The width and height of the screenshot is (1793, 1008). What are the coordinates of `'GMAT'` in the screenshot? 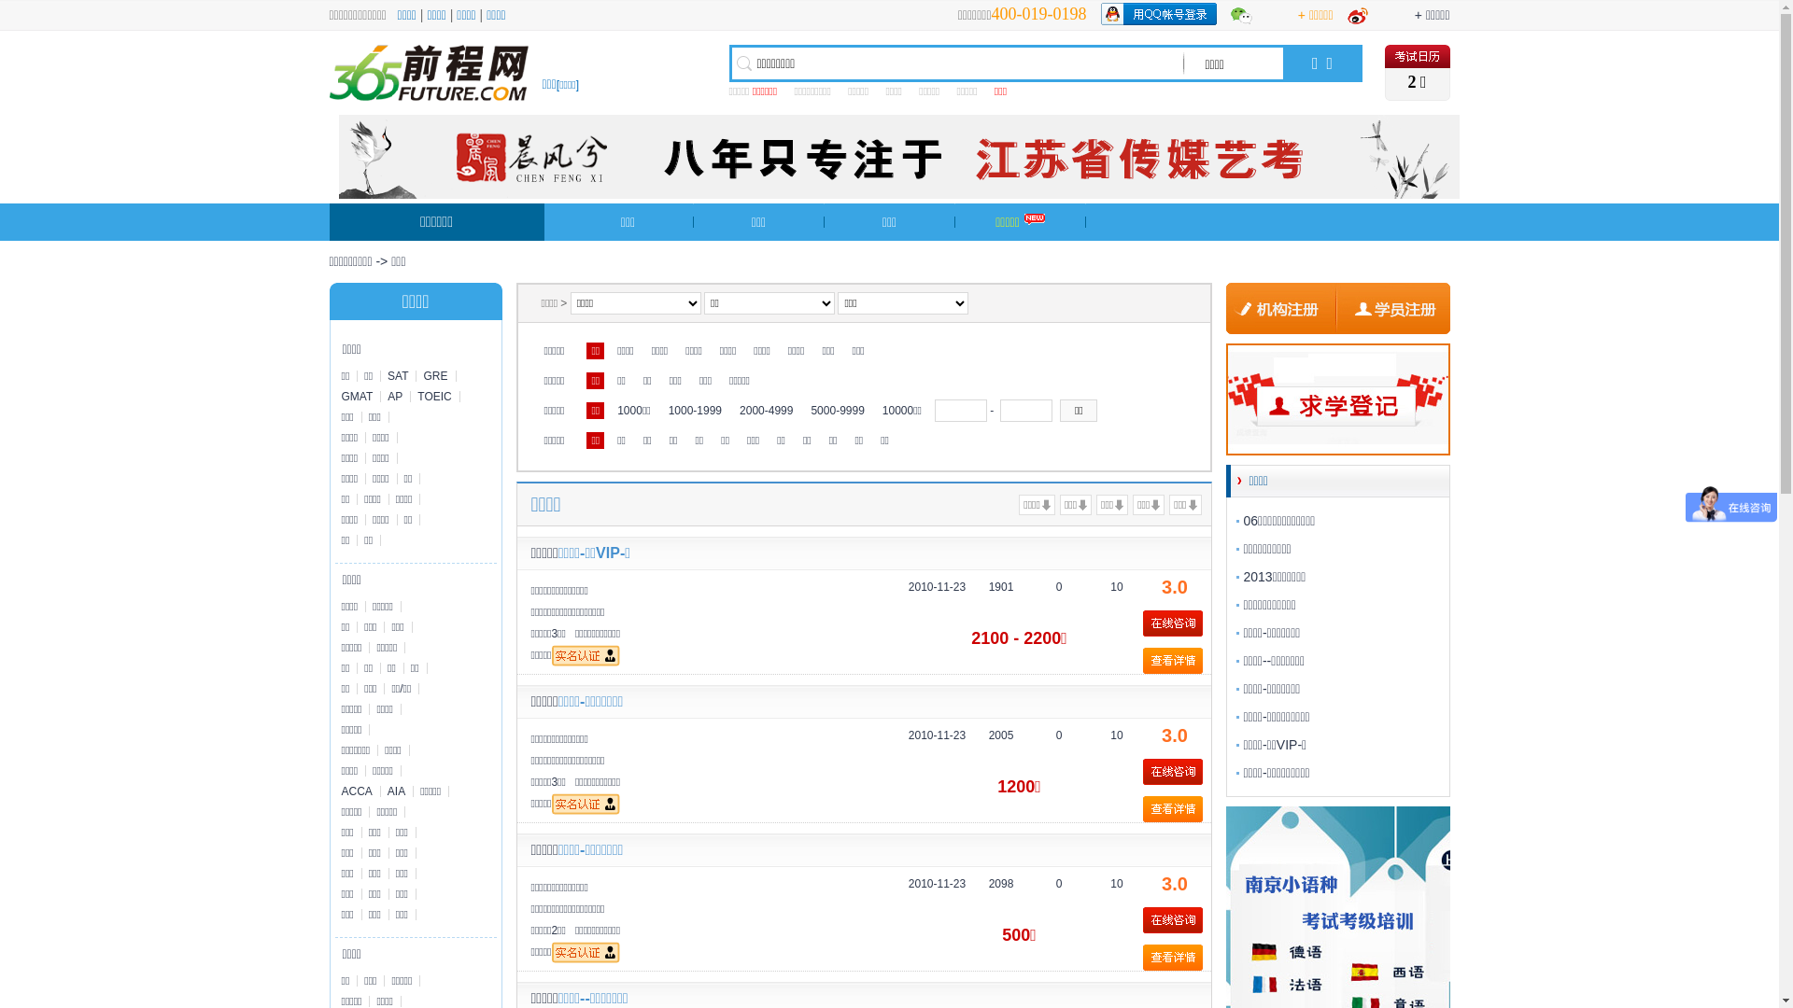 It's located at (358, 395).